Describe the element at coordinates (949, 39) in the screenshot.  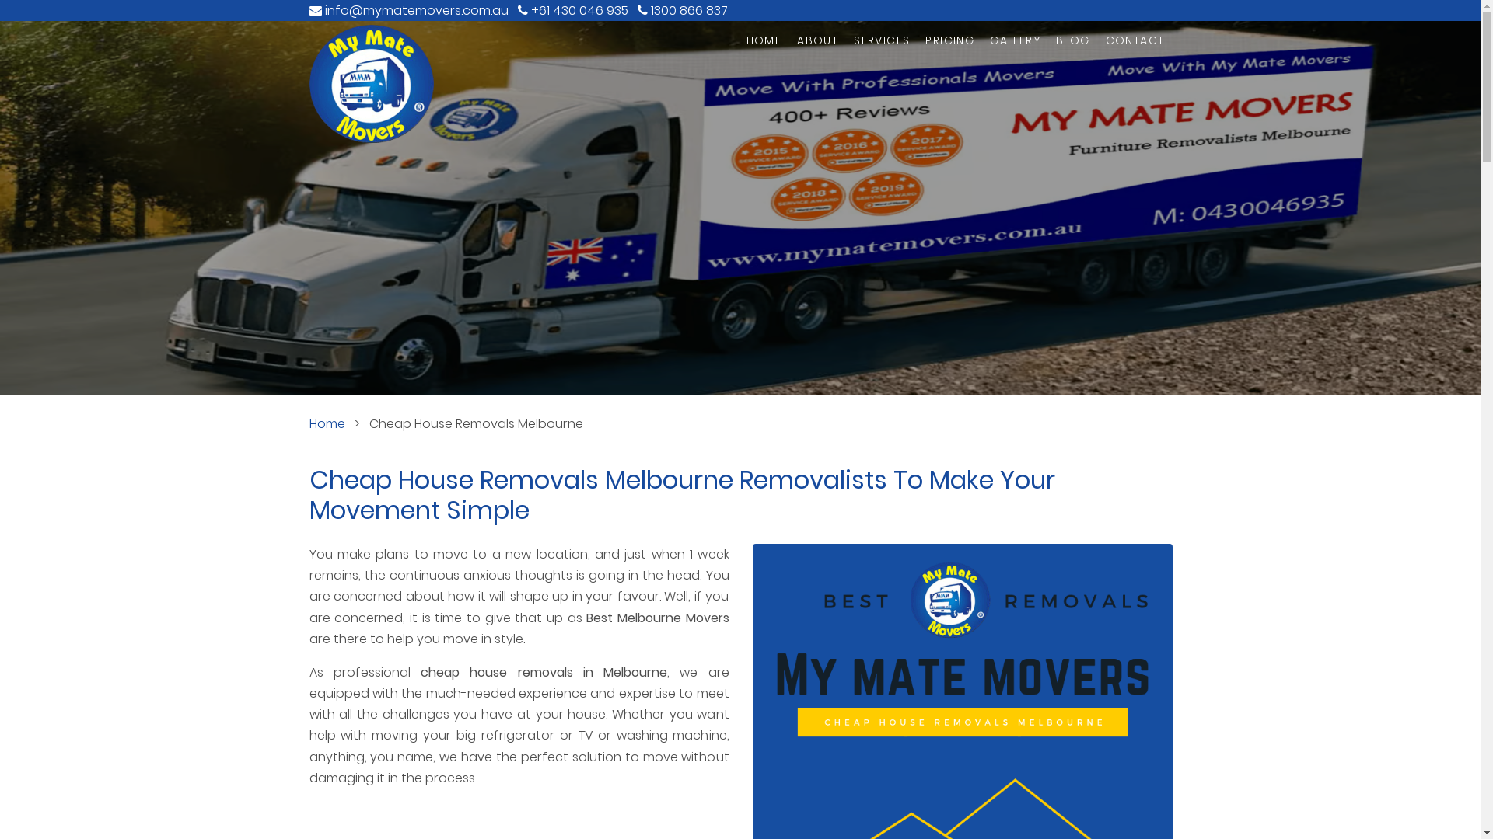
I see `'PRICING'` at that location.